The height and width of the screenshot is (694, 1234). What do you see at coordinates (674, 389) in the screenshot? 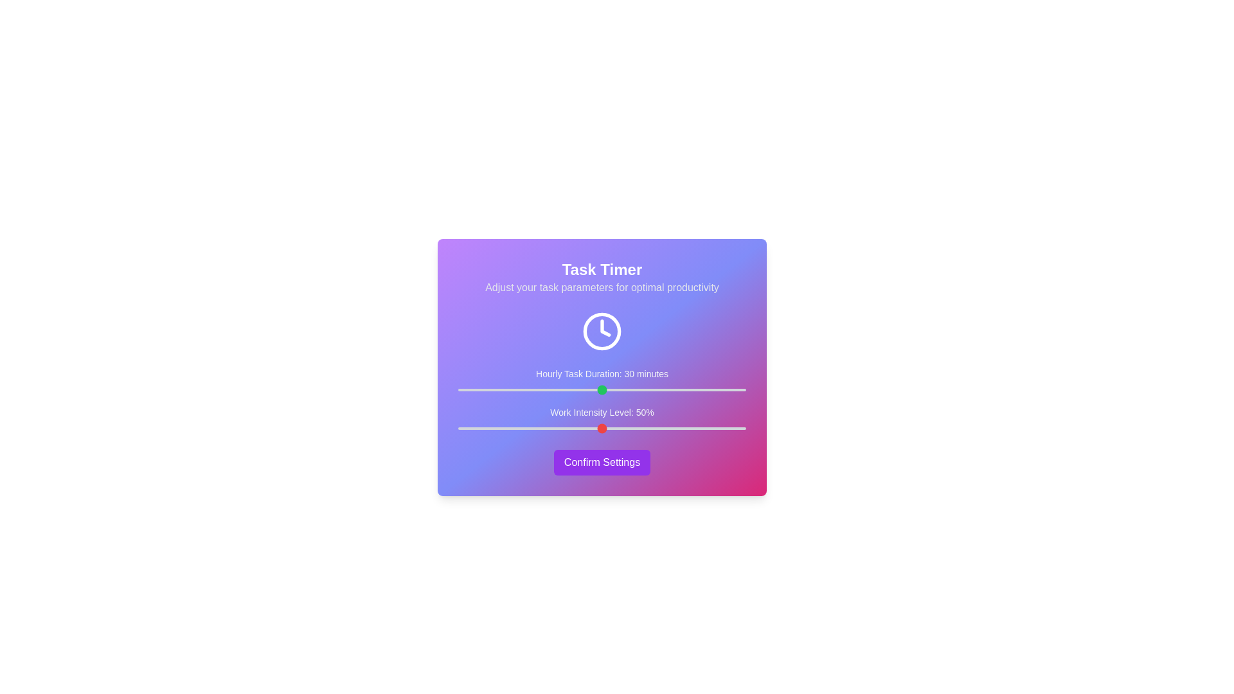
I see `the 'Hourly Task Duration' slider to 45 minutes` at bounding box center [674, 389].